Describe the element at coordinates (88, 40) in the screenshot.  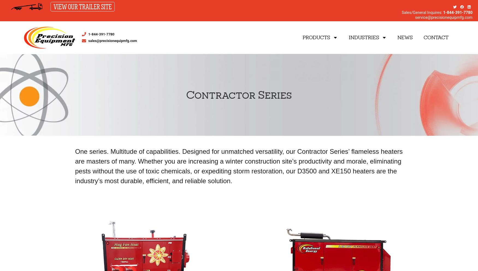
I see `'sales@precisionequipmfg.com'` at that location.